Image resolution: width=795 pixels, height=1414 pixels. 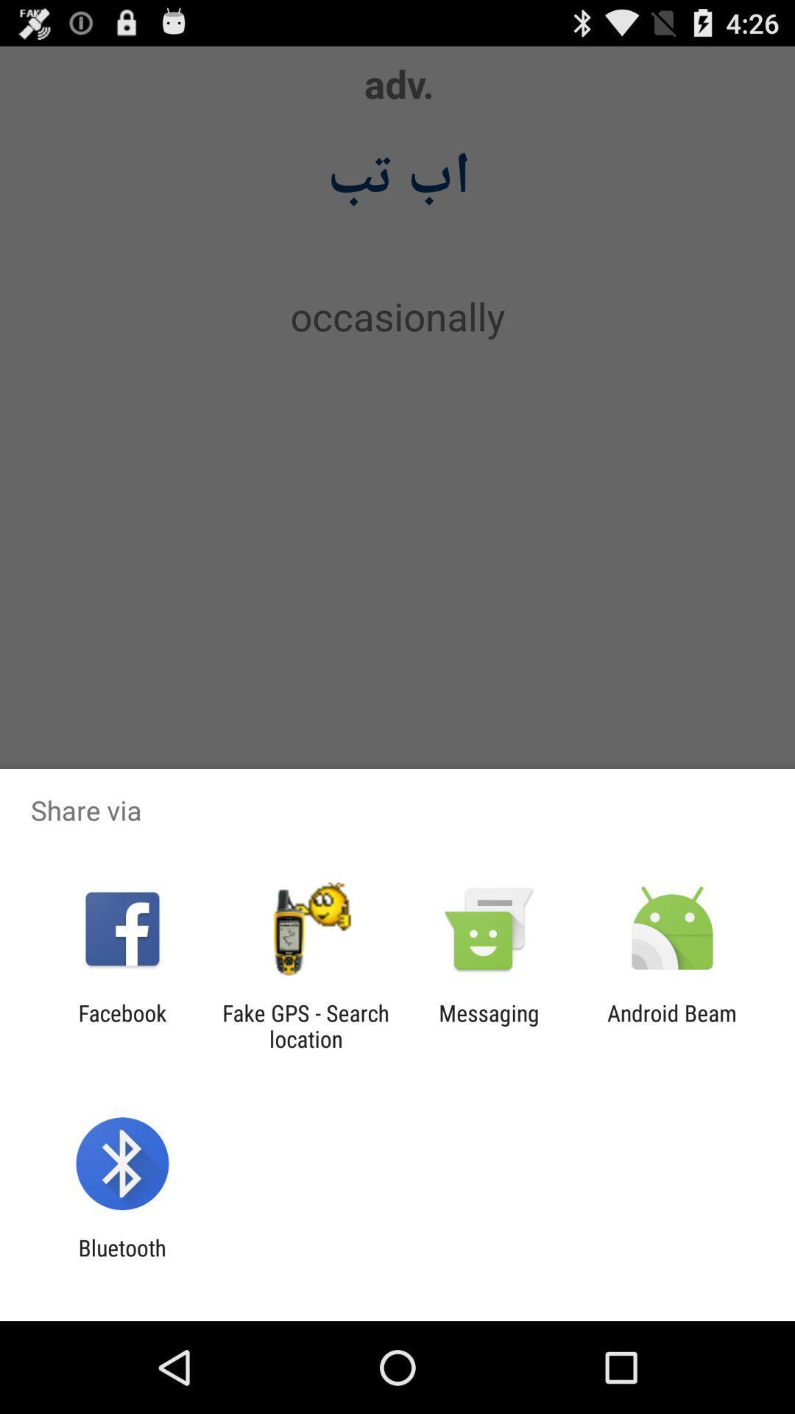 I want to click on the icon next to messaging app, so click(x=305, y=1025).